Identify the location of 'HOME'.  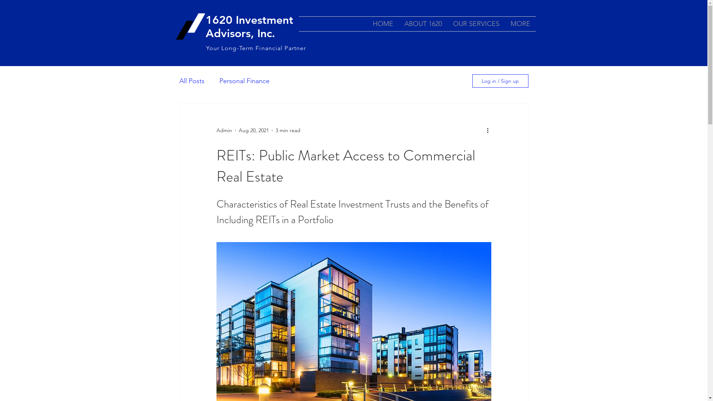
(367, 23).